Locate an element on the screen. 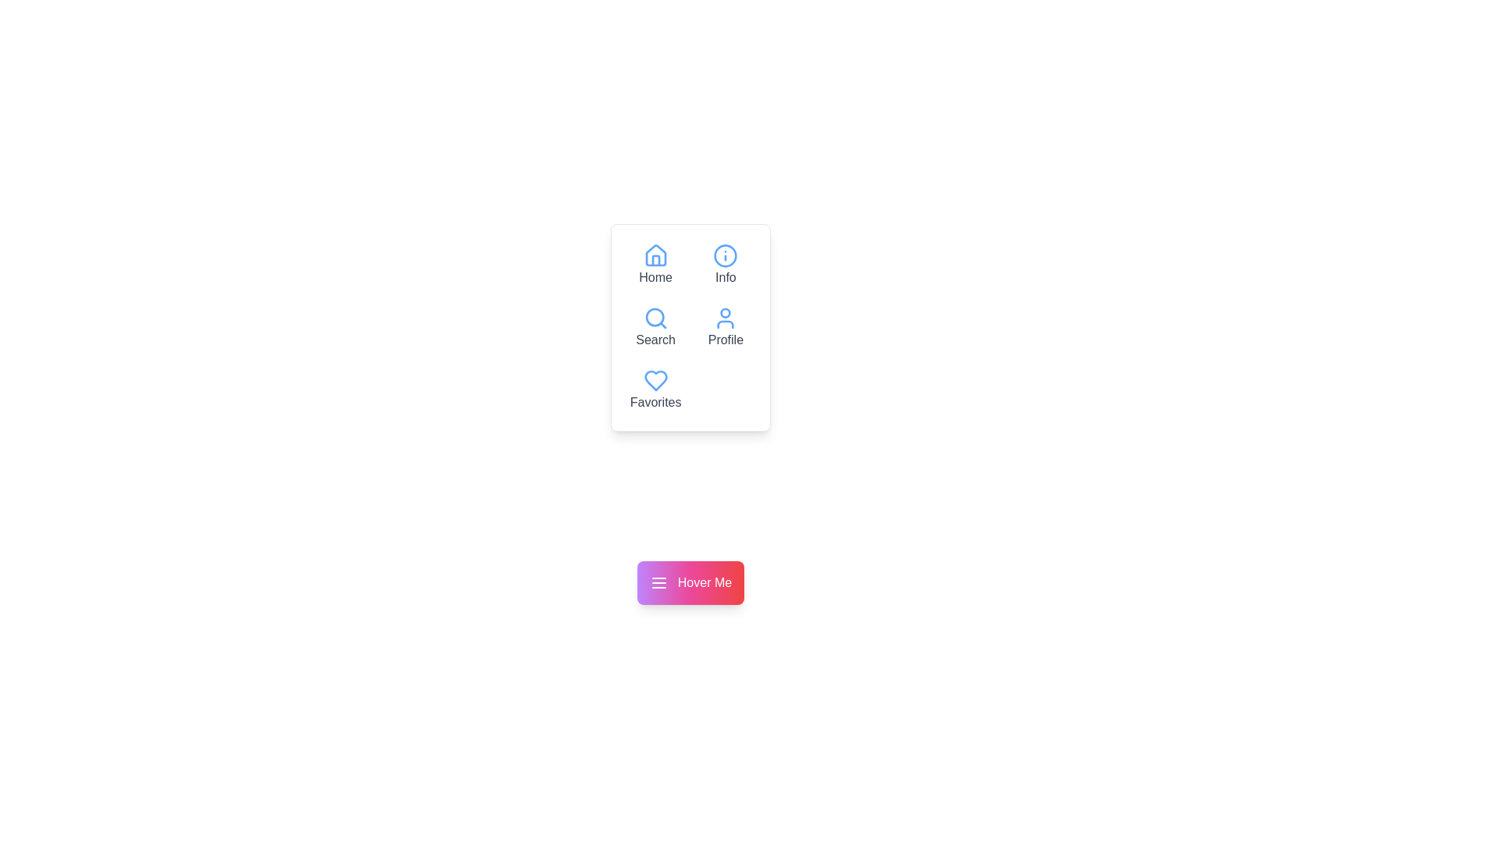 The width and height of the screenshot is (1498, 843). the minimalist line graphic representing the lower part of a human figure within the user profile icon, located in the bottom-right of a 2x3 grid is located at coordinates (725, 324).